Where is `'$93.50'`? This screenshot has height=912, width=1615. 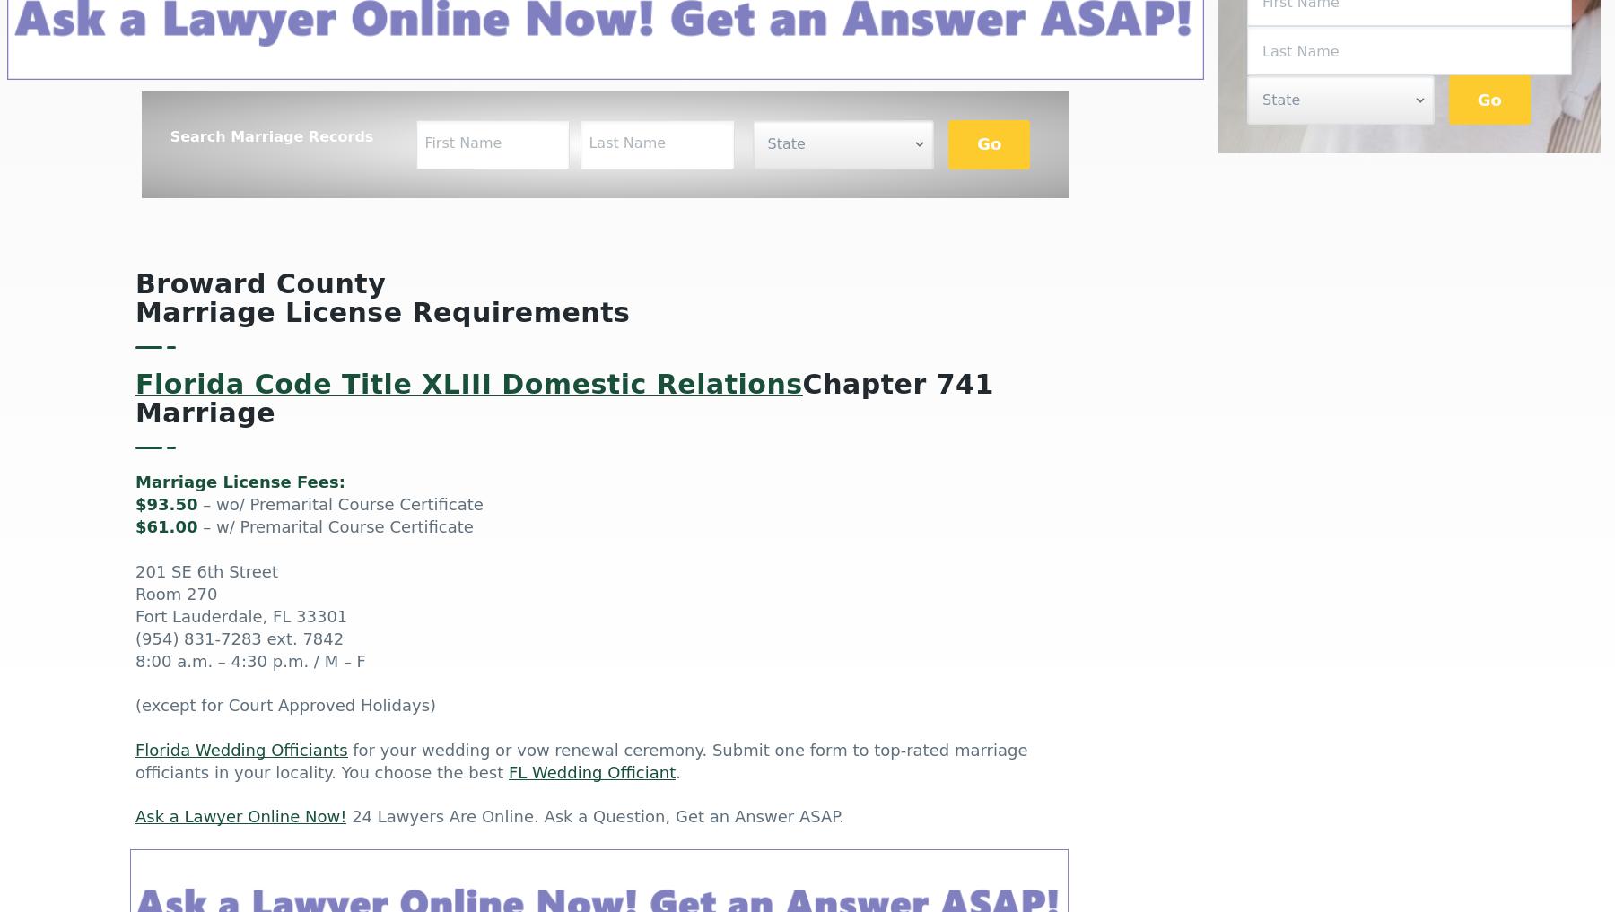 '$93.50' is located at coordinates (166, 506).